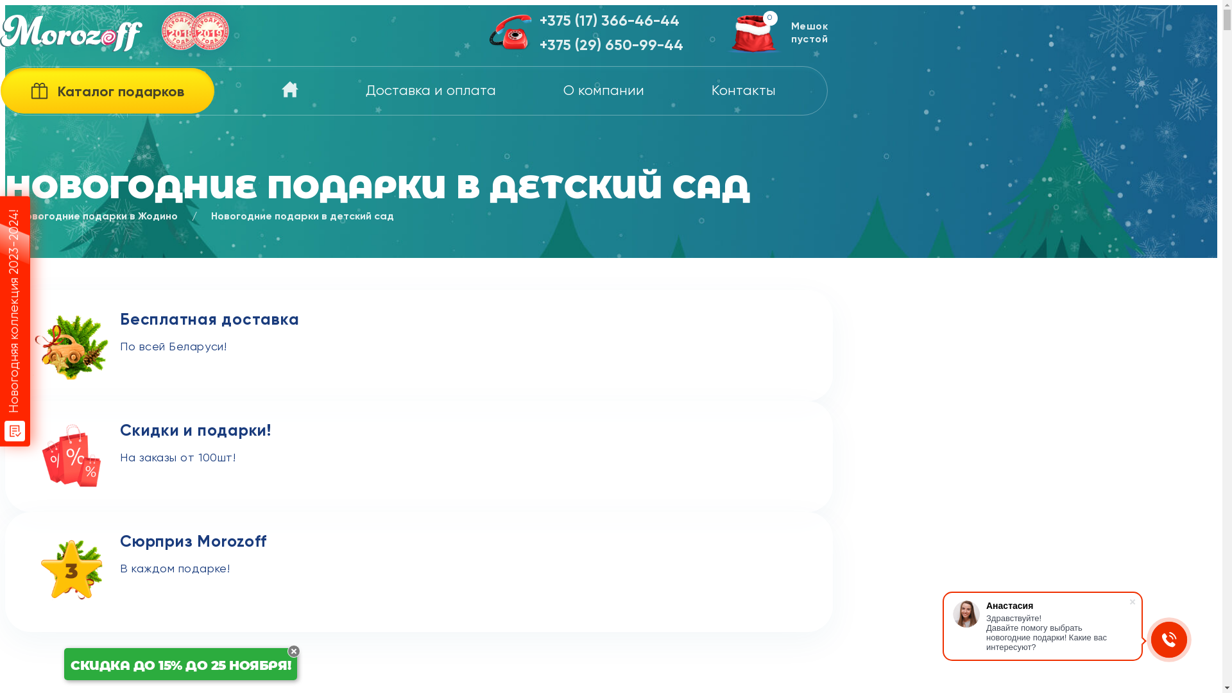  I want to click on '+375 (29) 650-99-44', so click(611, 45).